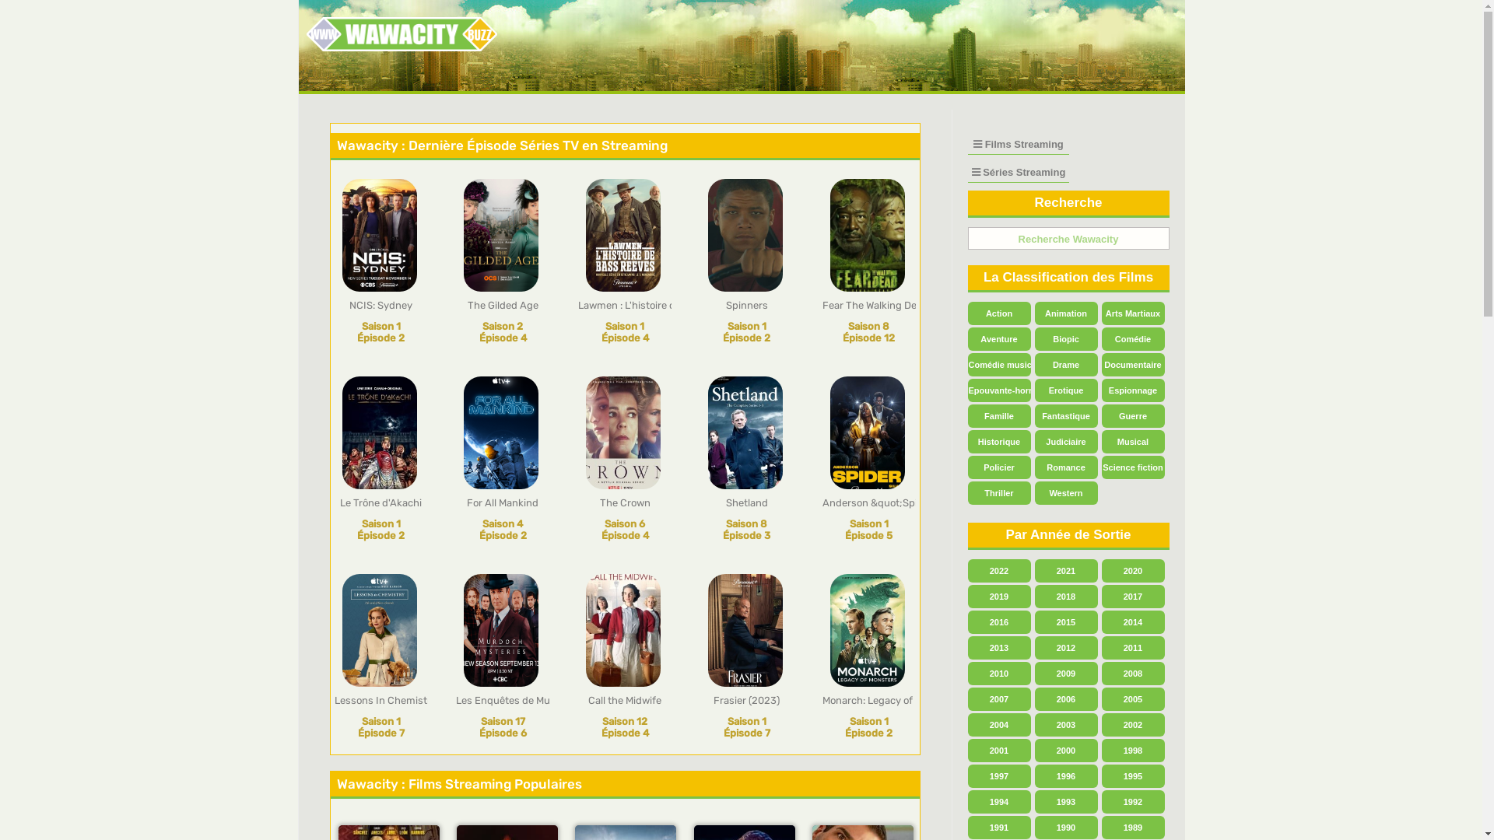  Describe the element at coordinates (1034, 441) in the screenshot. I see `'Judiciaire'` at that location.